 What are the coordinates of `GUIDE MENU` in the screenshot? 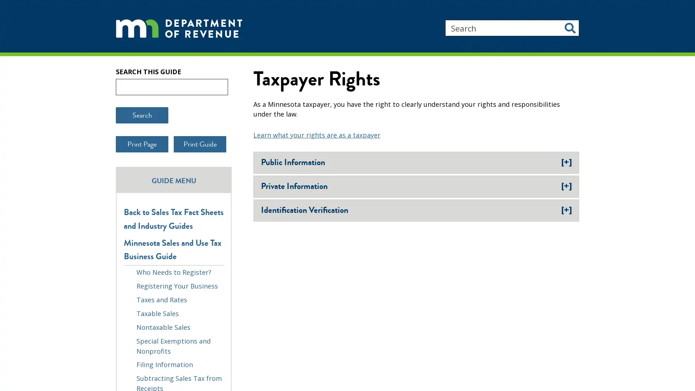 It's located at (174, 213).